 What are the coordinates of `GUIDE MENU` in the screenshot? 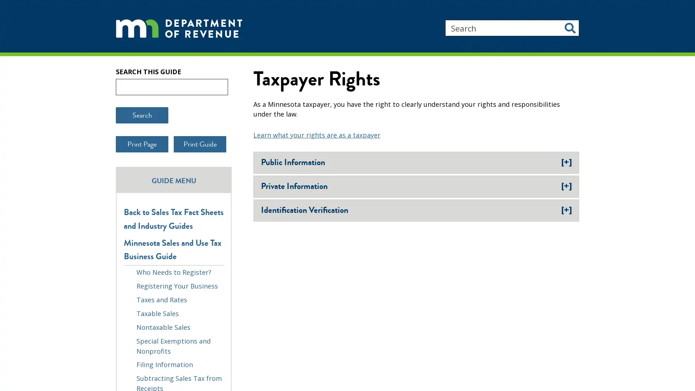 It's located at (174, 213).